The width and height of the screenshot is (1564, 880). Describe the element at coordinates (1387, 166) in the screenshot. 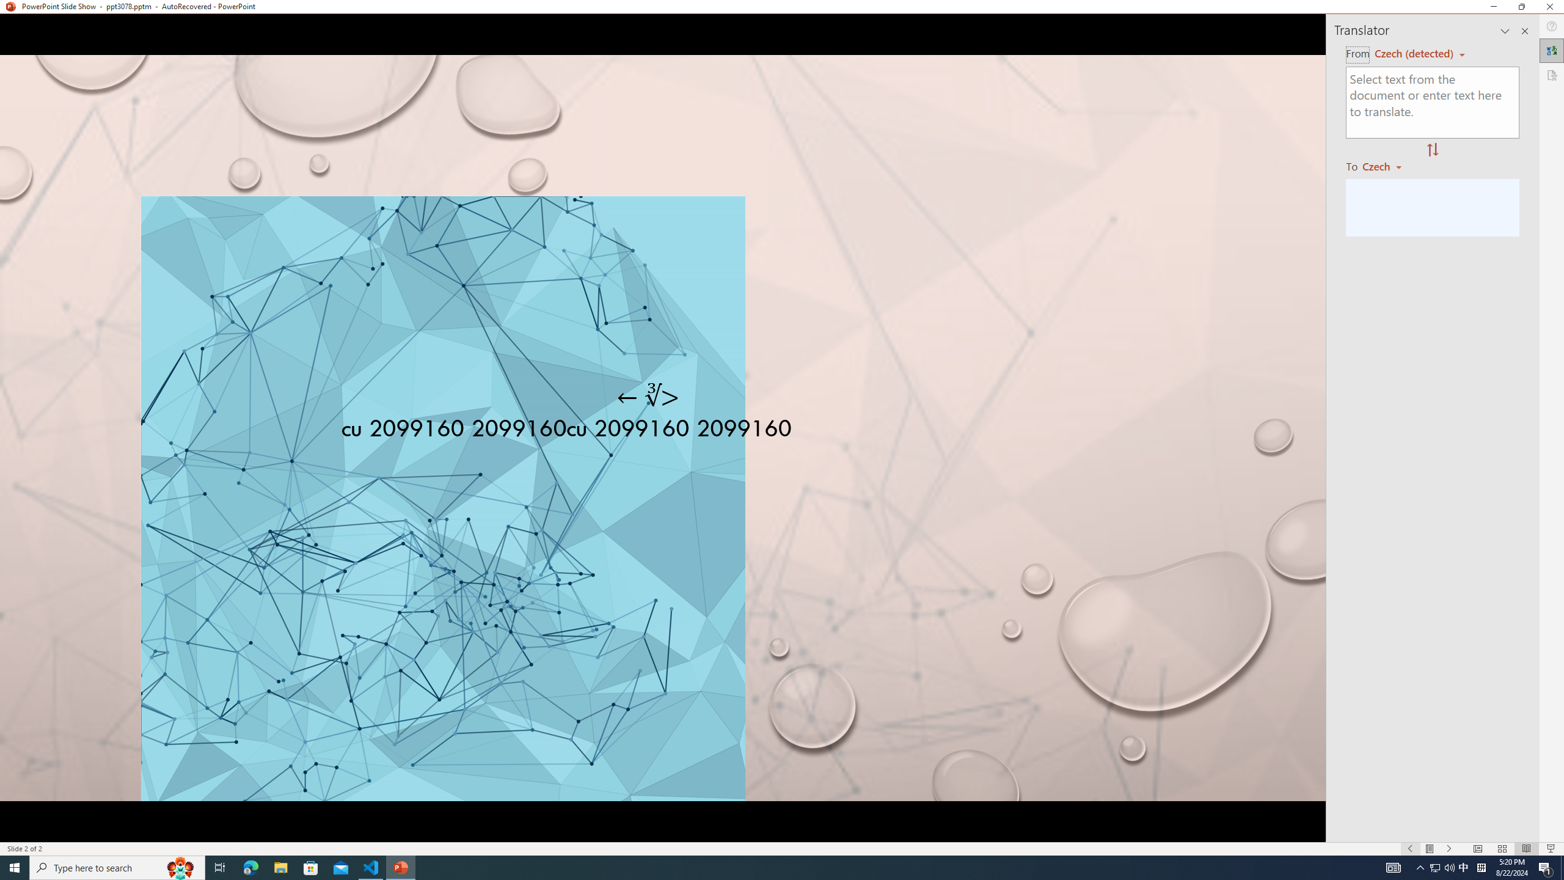

I see `'Czech'` at that location.